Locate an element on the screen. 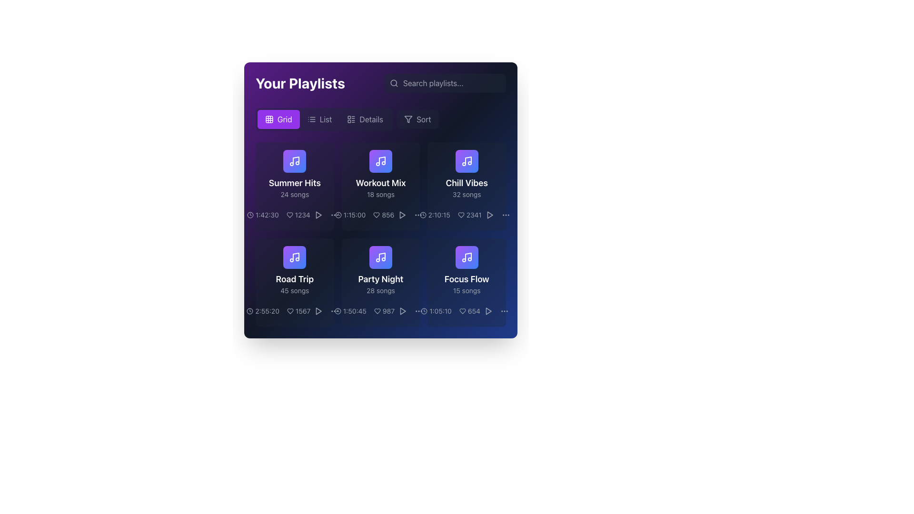 Image resolution: width=914 pixels, height=514 pixels. the grid icon button with a purple background and white grid design is located at coordinates (269, 119).